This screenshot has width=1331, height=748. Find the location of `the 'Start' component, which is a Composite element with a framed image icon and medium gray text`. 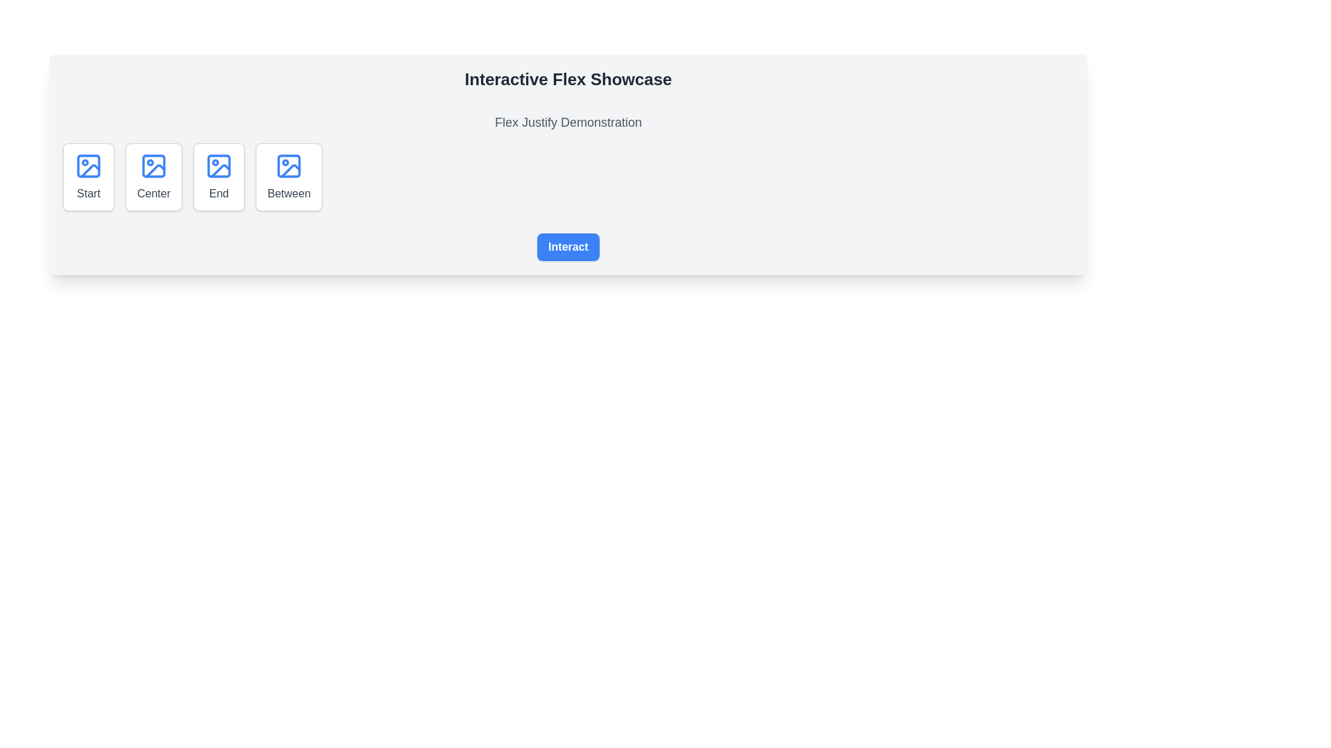

the 'Start' component, which is a Composite element with a framed image icon and medium gray text is located at coordinates (88, 176).